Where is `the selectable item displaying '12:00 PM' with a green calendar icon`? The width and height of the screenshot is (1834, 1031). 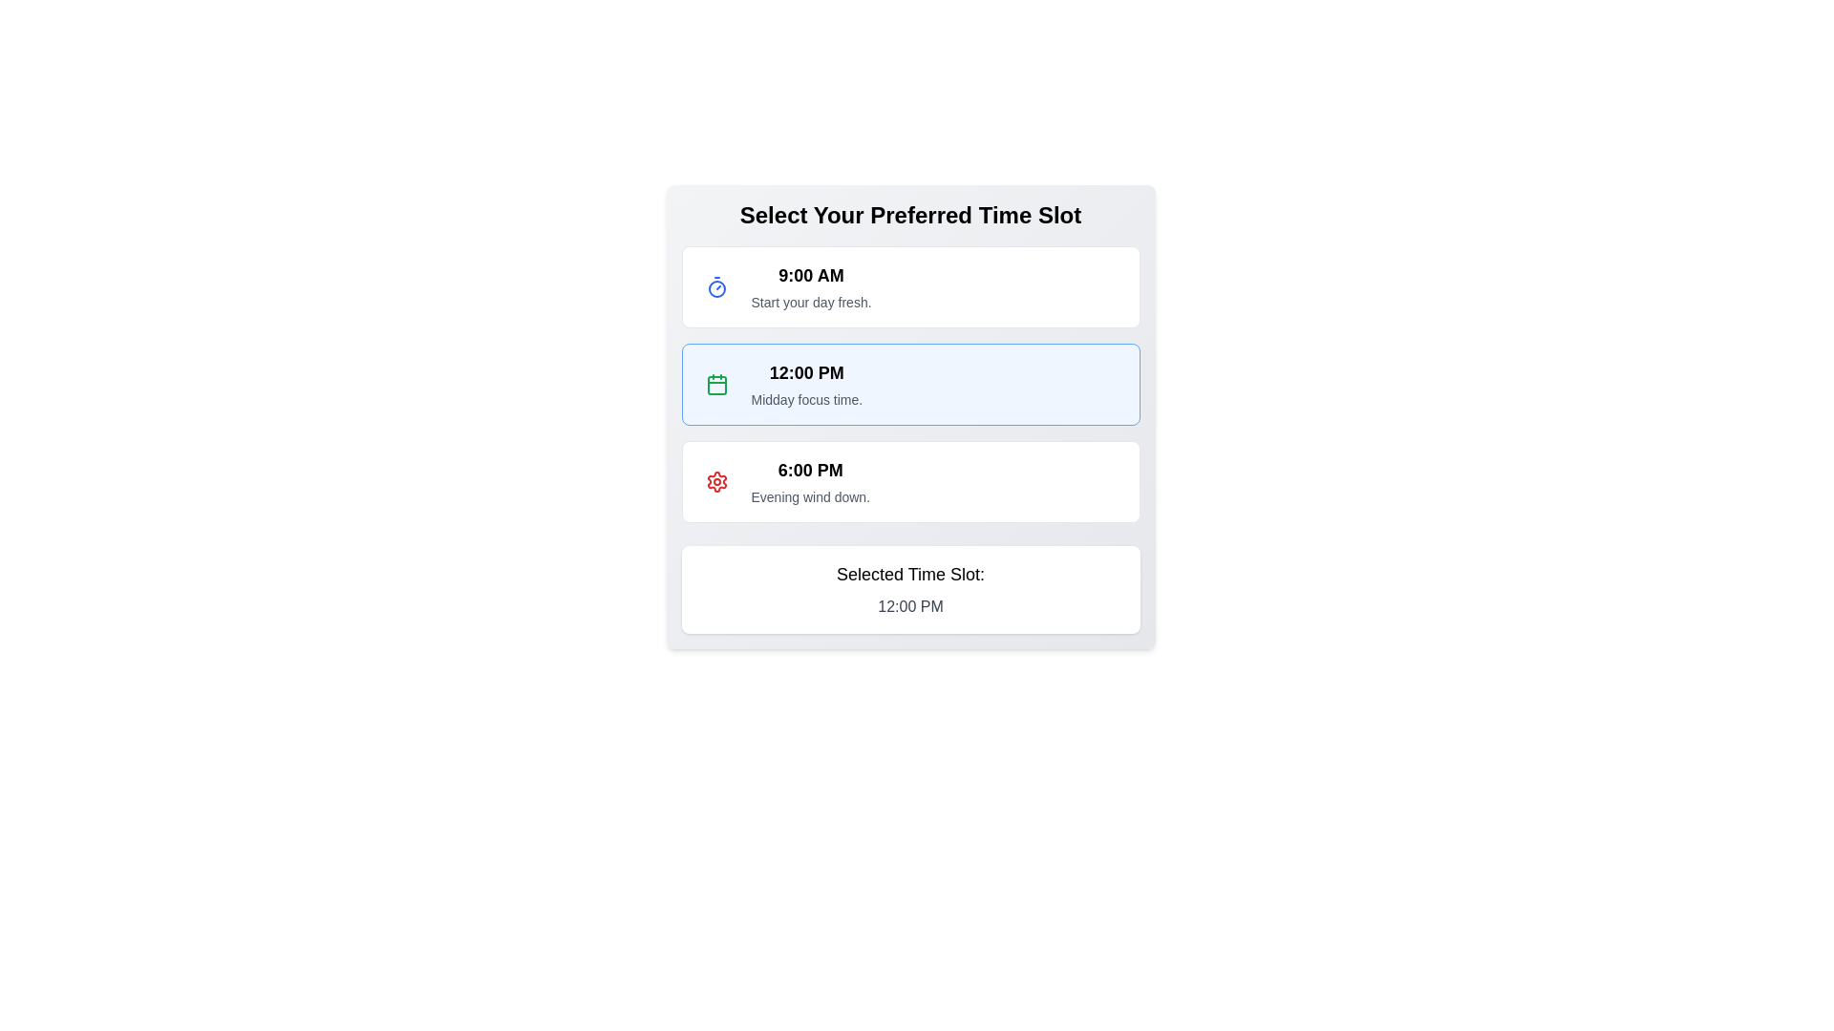 the selectable item displaying '12:00 PM' with a green calendar icon is located at coordinates (909, 415).